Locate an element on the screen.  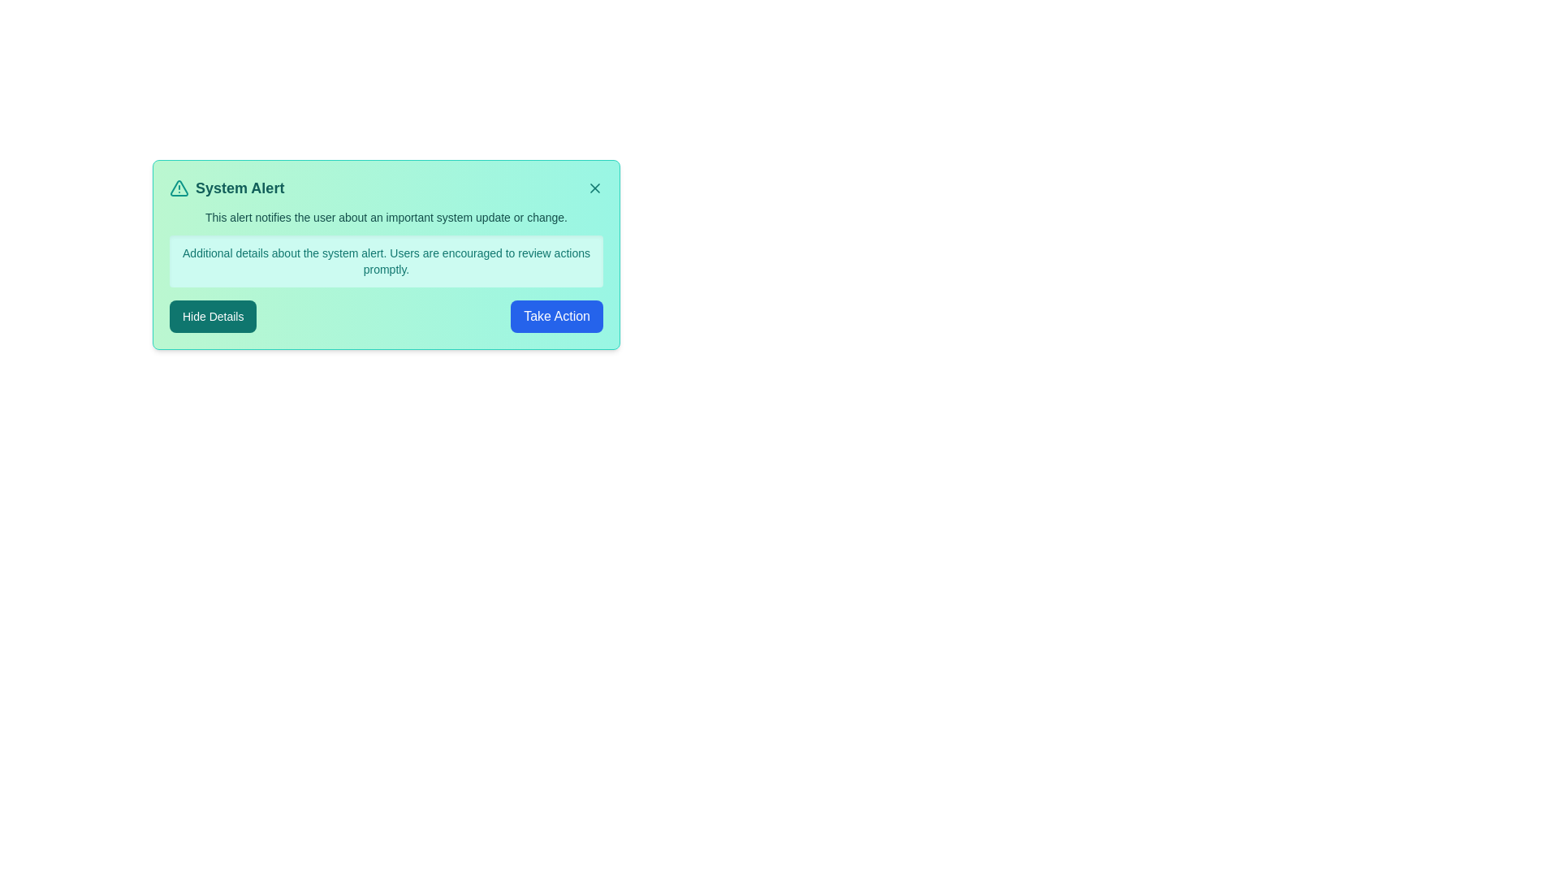
the 'Take Action' button to execute the primary action associated with the alert is located at coordinates (557, 316).